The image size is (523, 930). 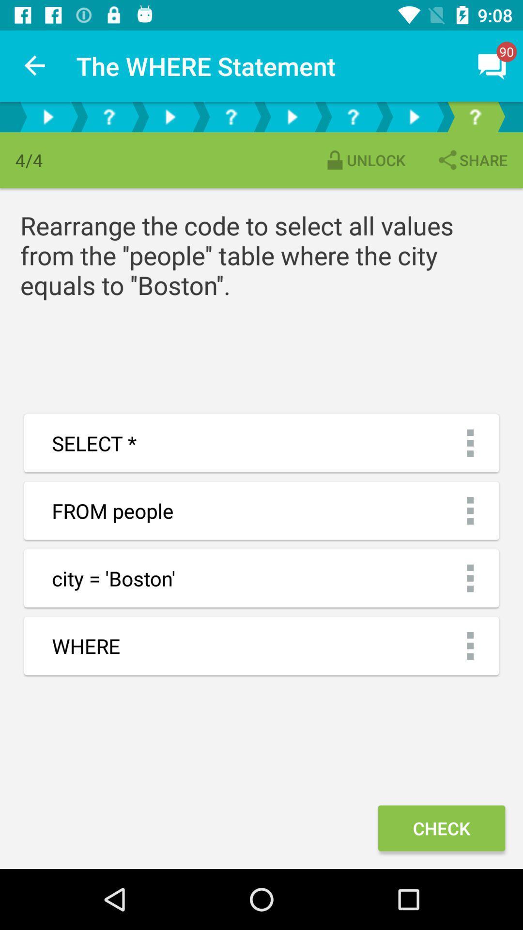 What do you see at coordinates (291, 116) in the screenshot?
I see `the play icon` at bounding box center [291, 116].